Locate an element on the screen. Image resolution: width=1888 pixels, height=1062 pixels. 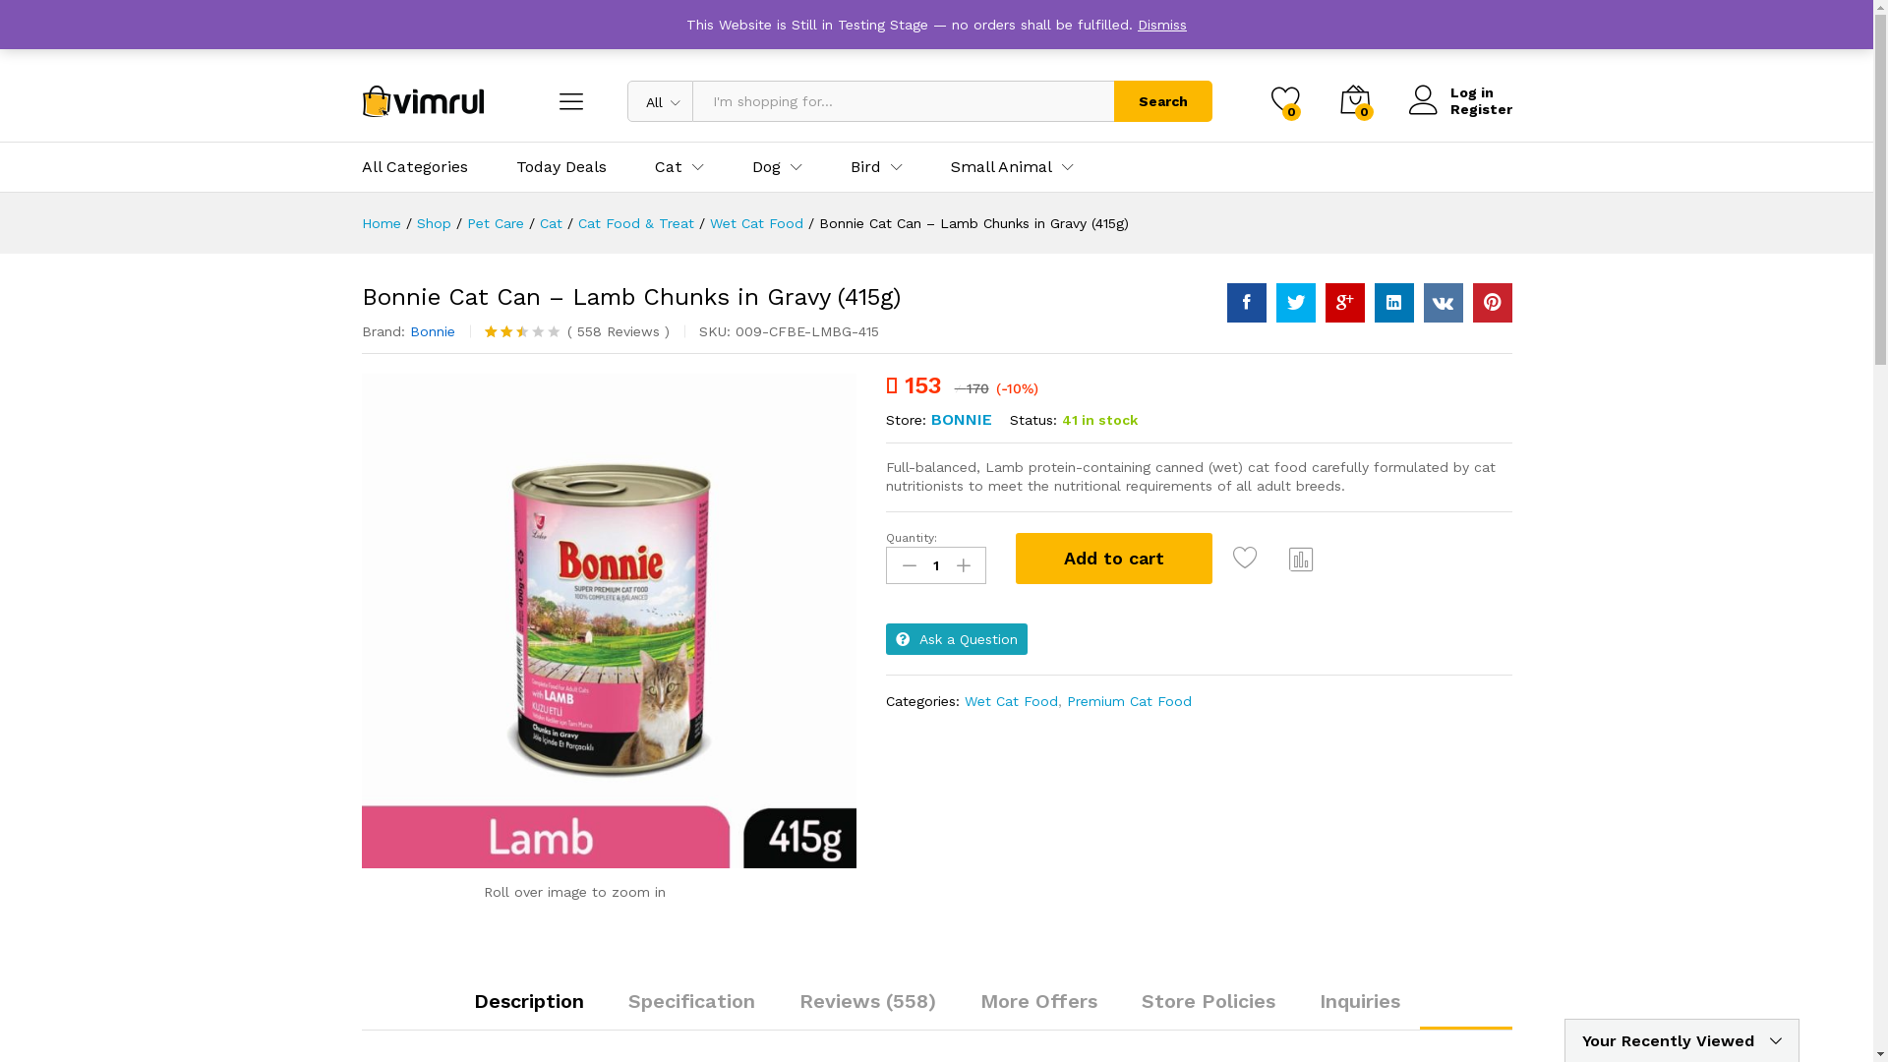
'Add to cart' is located at coordinates (1113, 558).